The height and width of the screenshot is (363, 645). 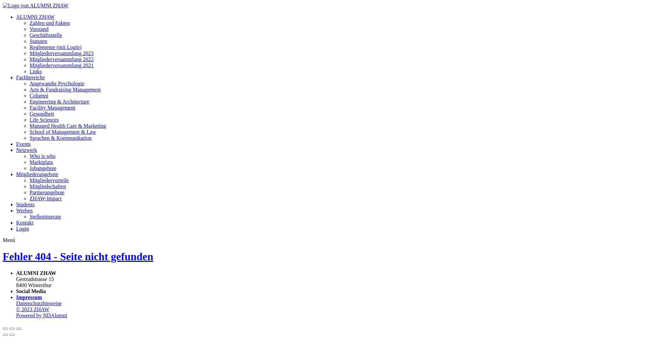 What do you see at coordinates (29, 198) in the screenshot?
I see `'ZHAW-Impact'` at bounding box center [29, 198].